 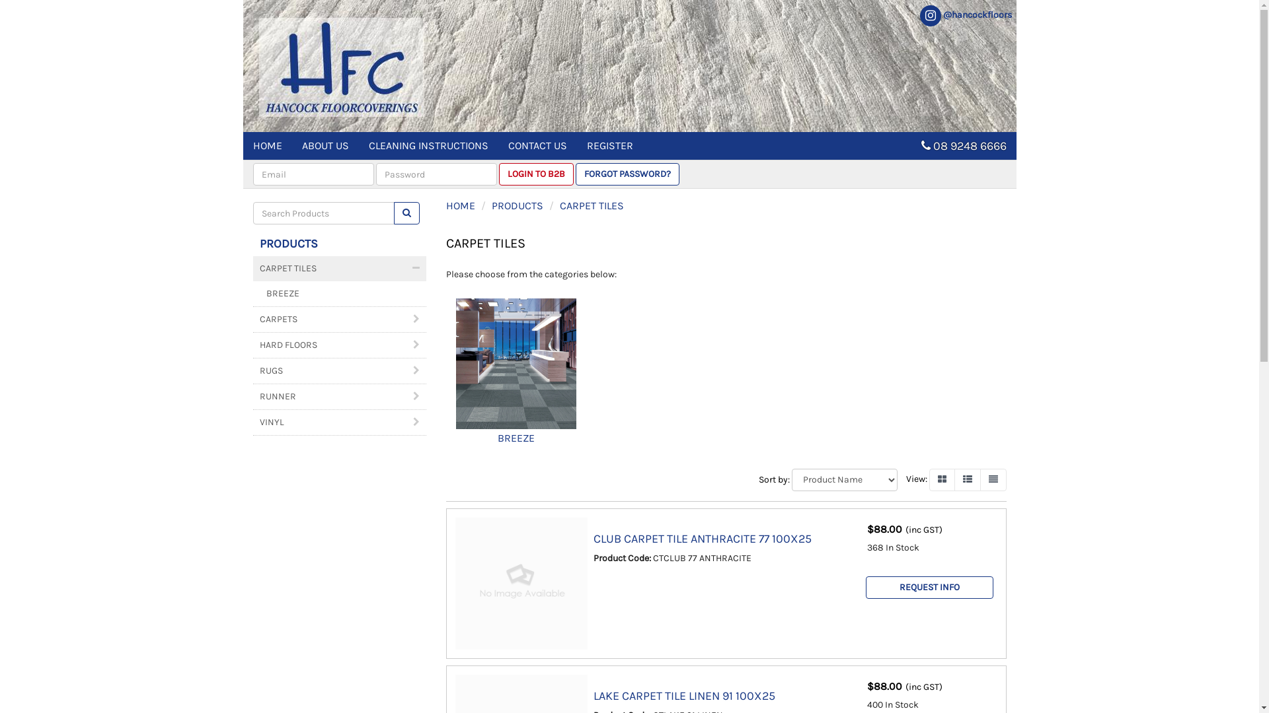 What do you see at coordinates (535, 173) in the screenshot?
I see `'Login to B2B'` at bounding box center [535, 173].